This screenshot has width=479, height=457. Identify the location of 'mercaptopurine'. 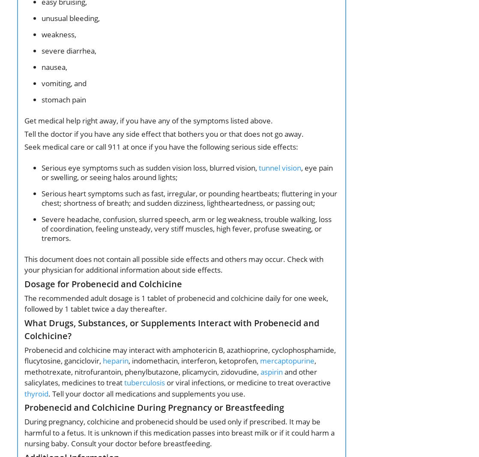
(287, 361).